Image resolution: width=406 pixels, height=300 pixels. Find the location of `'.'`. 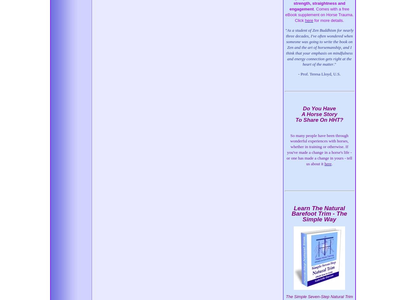

'.' is located at coordinates (331, 163).